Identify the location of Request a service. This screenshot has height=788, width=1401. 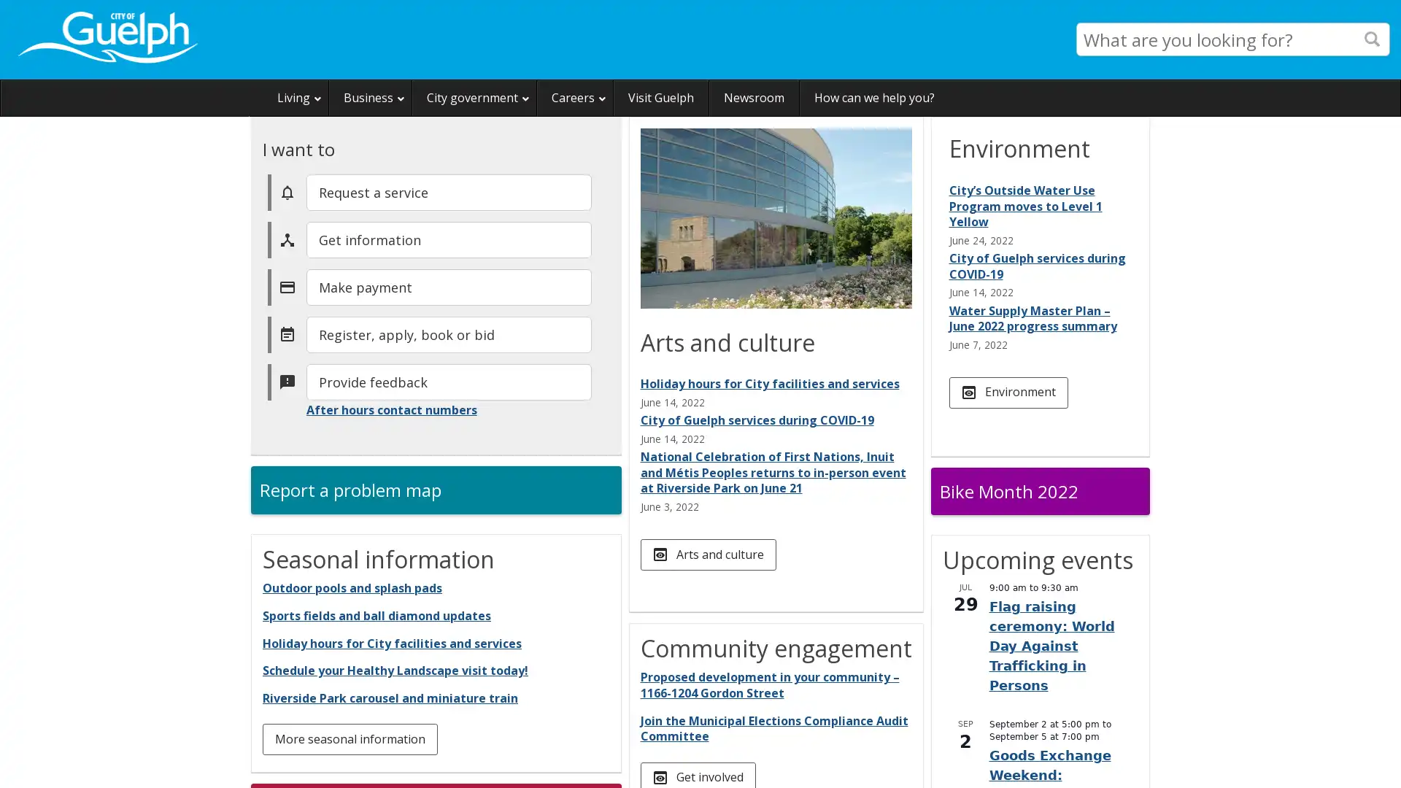
(447, 190).